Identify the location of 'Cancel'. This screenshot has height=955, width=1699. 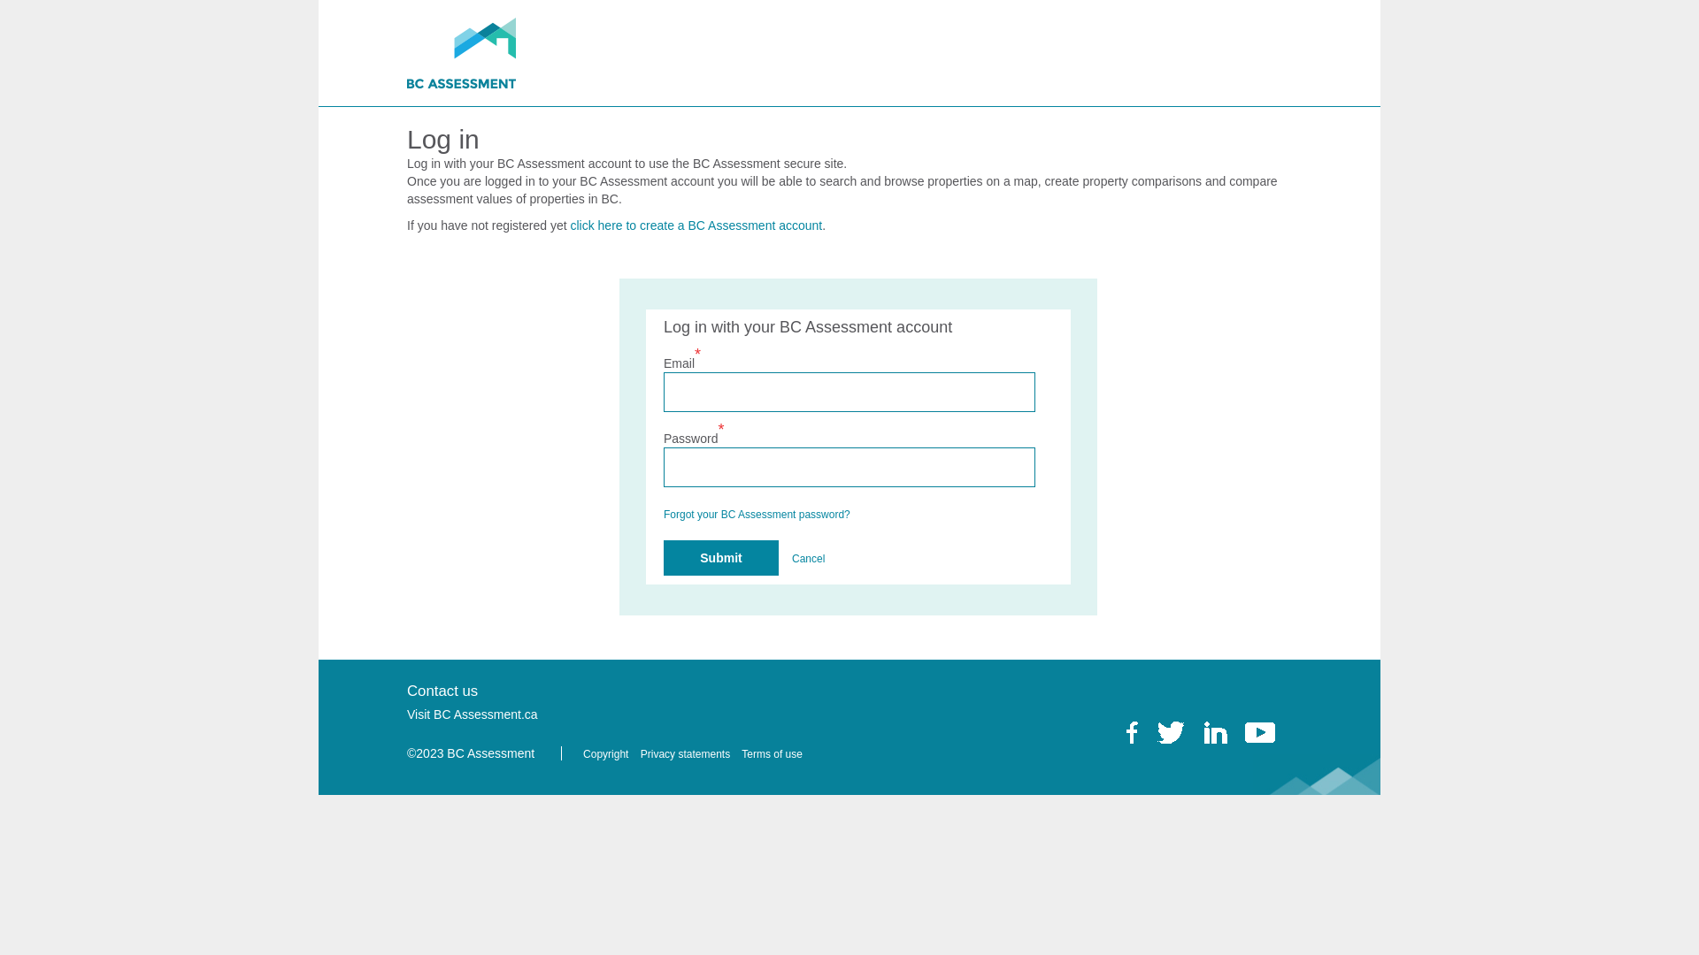
(790, 559).